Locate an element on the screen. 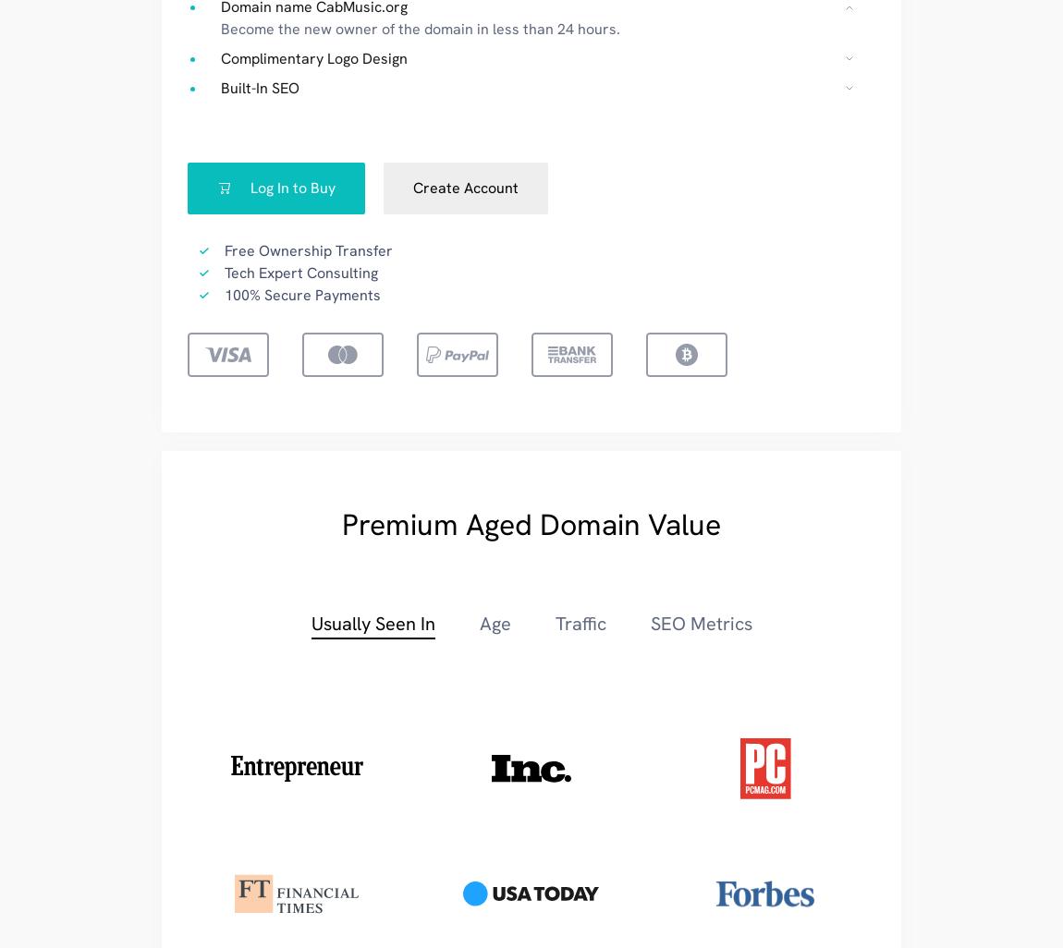 The image size is (1063, 948). 'Free Ownership Transfer' is located at coordinates (308, 249).